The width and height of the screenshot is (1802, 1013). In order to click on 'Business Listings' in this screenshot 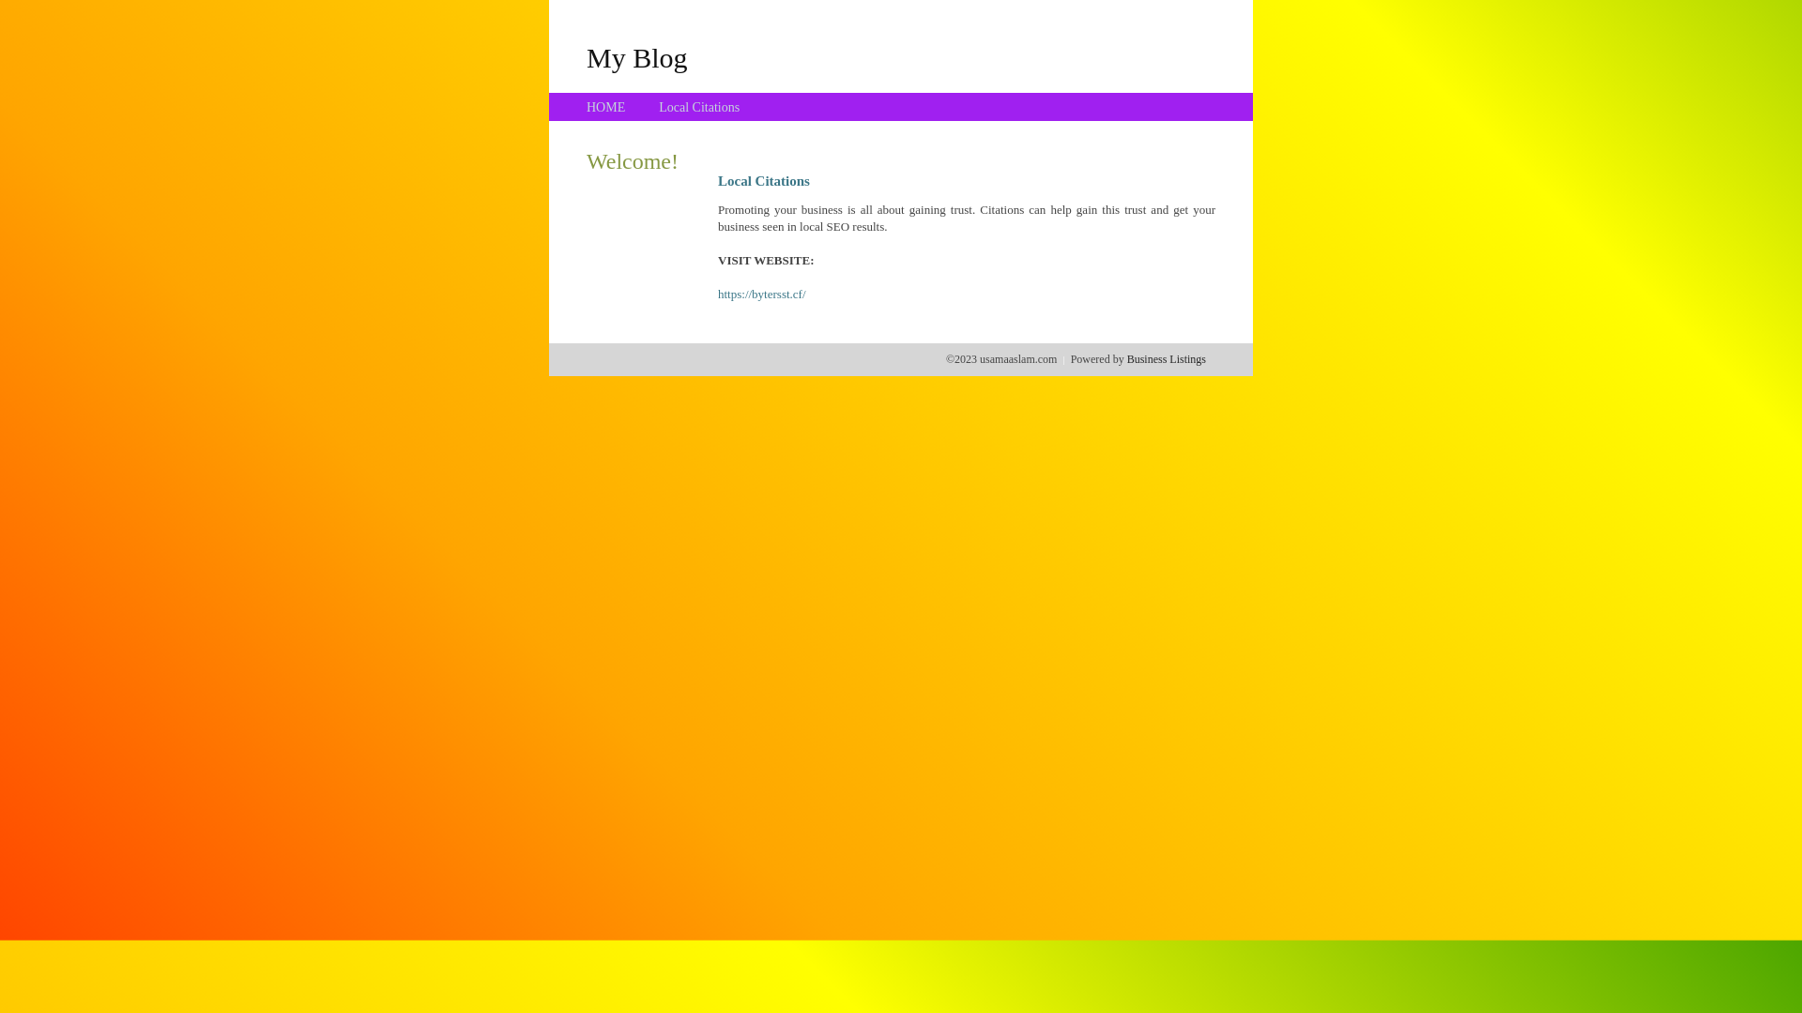, I will do `click(1166, 358)`.